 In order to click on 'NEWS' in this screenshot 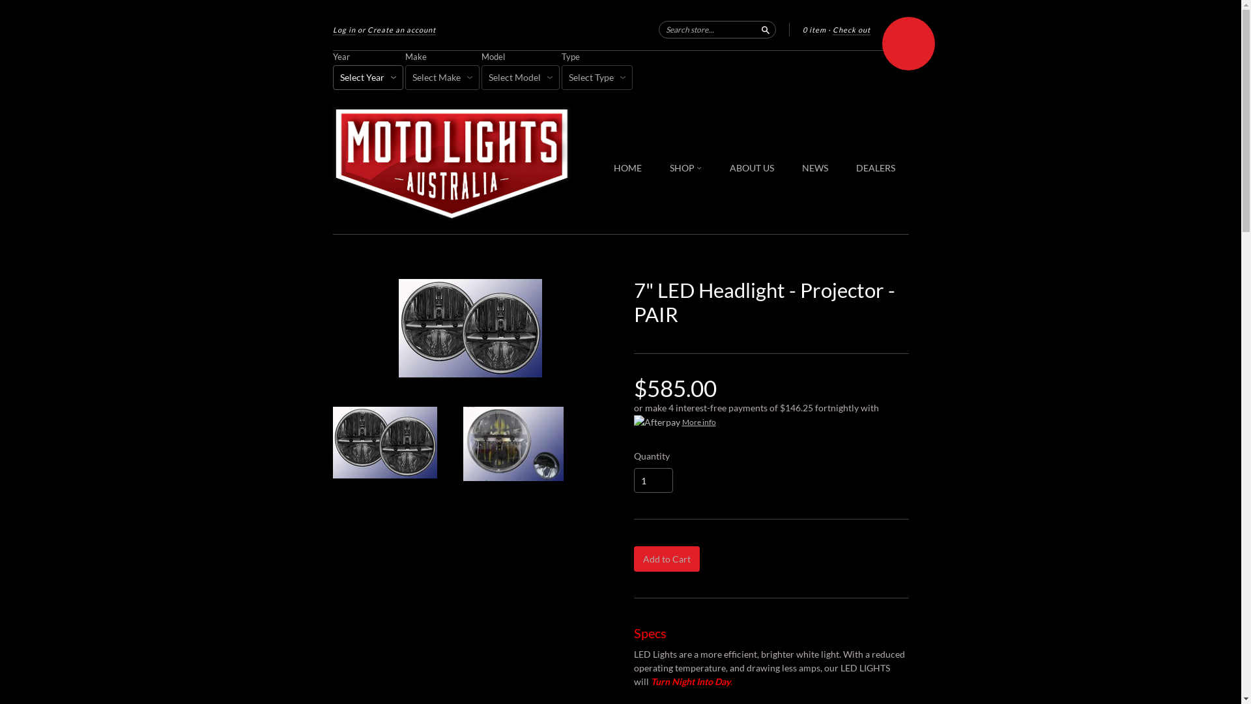, I will do `click(801, 167)`.